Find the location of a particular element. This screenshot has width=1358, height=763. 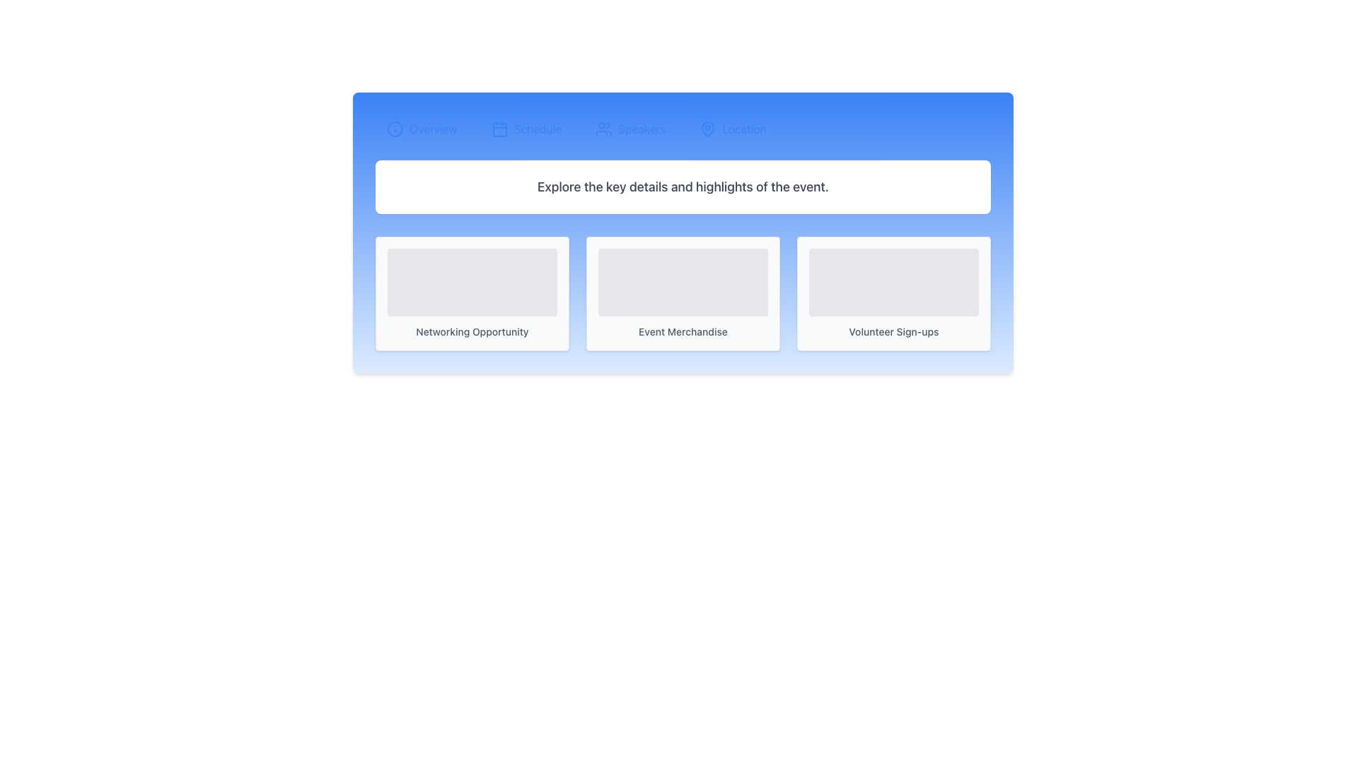

the 'Event Merchandise' card, which is the second card in a row of three cards, located between 'Networking Opportunity' and 'Volunteer Sign-ups' is located at coordinates (683, 293).